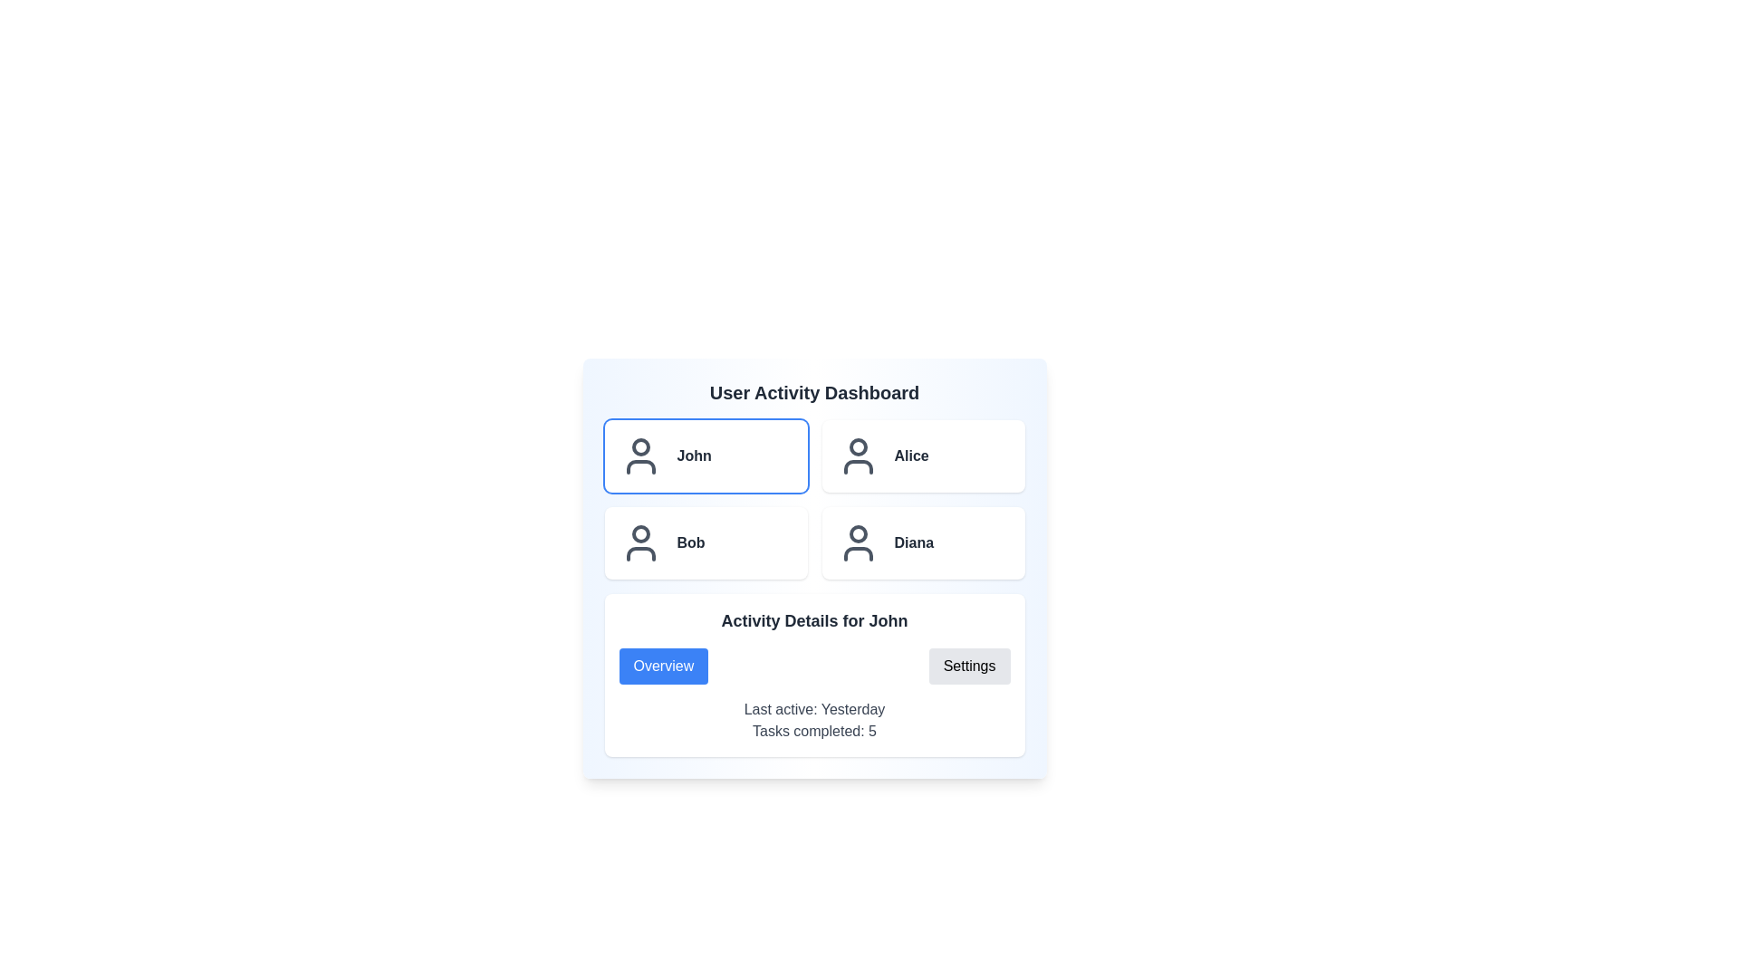 This screenshot has height=978, width=1739. Describe the element at coordinates (690, 542) in the screenshot. I see `the static text label that identifies the user profile with the name 'Bob', located at the bottom-left corner of the user profile grid in the second row and first column` at that location.